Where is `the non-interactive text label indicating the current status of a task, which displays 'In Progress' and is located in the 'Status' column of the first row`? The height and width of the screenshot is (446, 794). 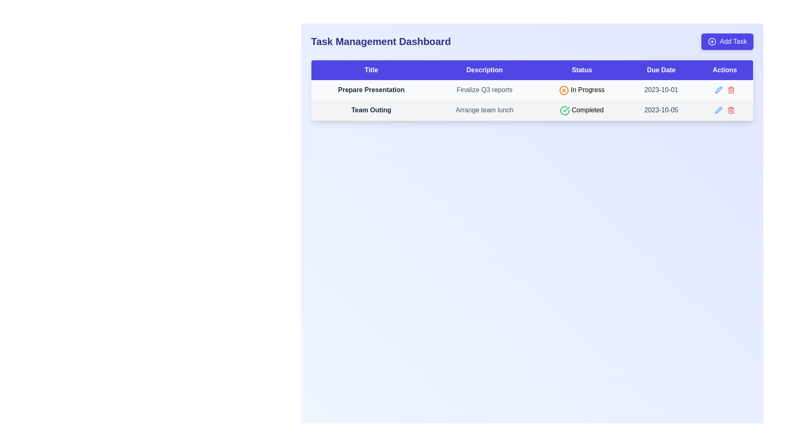
the non-interactive text label indicating the current status of a task, which displays 'In Progress' and is located in the 'Status' column of the first row is located at coordinates (581, 90).